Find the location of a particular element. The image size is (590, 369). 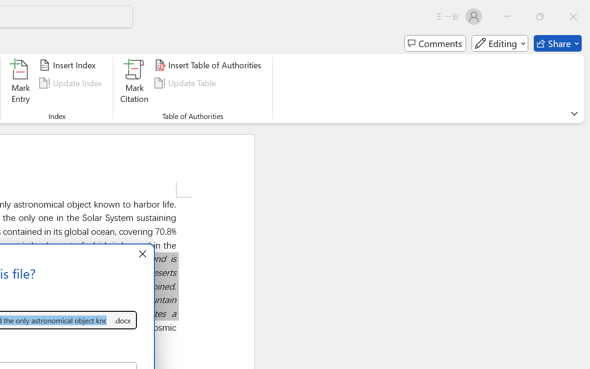

'Save as type' is located at coordinates (122, 320).